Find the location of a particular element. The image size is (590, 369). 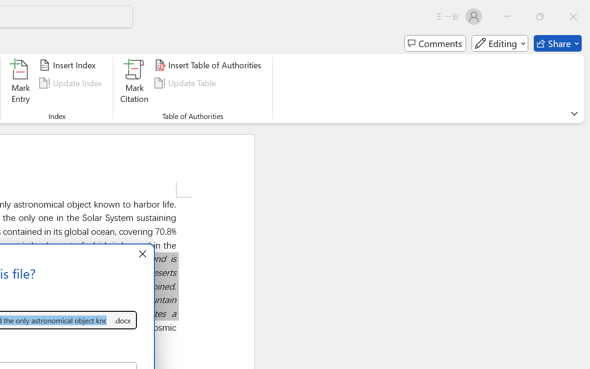

'Save as type' is located at coordinates (122, 320).